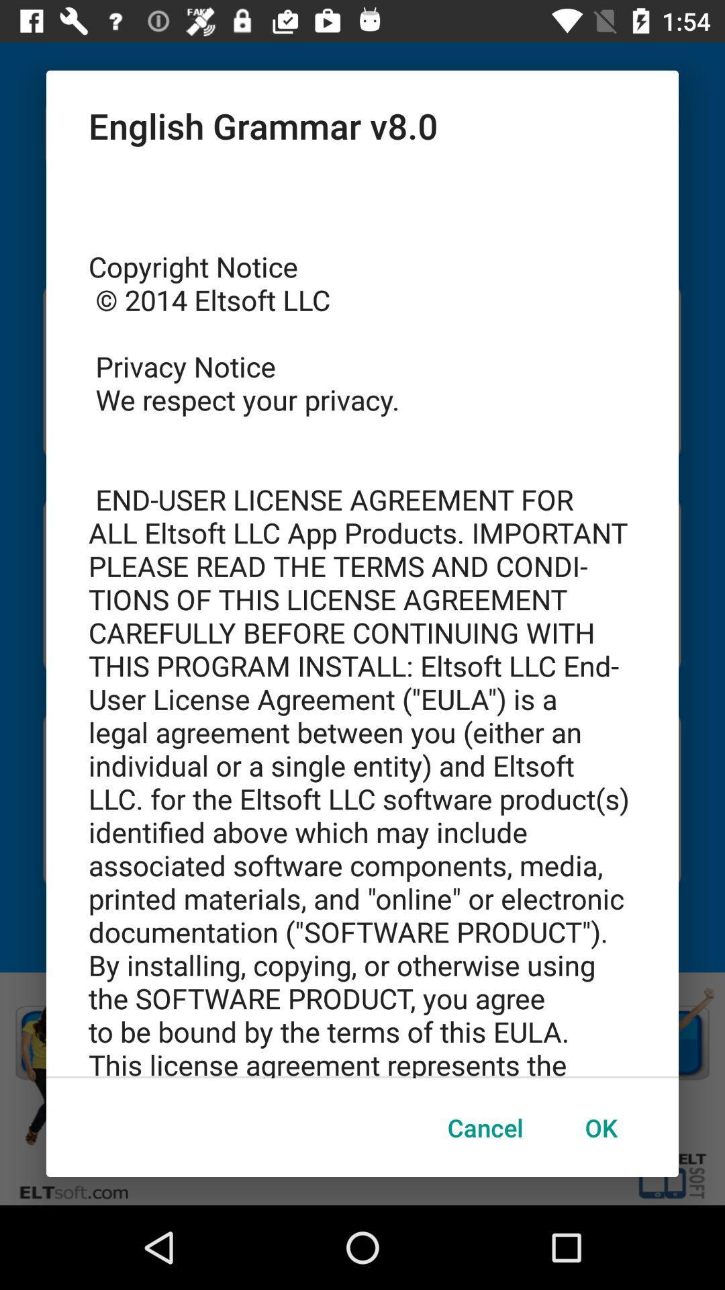  Describe the element at coordinates (485, 1127) in the screenshot. I see `app below the copyright notice 2014 icon` at that location.